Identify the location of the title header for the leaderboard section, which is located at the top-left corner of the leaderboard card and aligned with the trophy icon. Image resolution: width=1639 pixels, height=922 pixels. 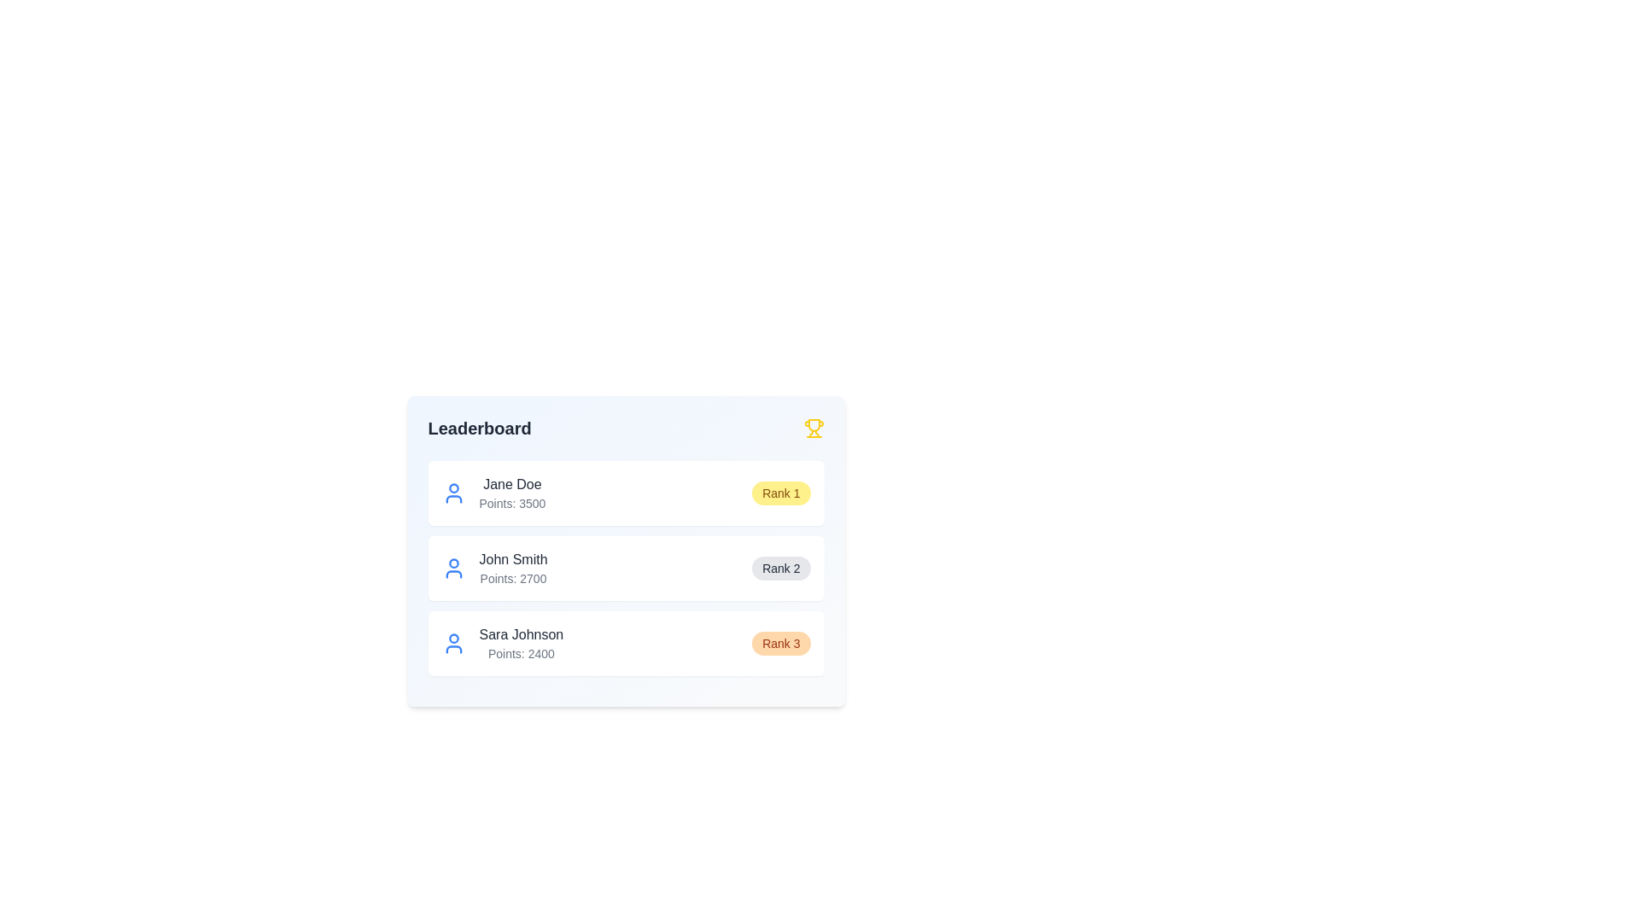
(479, 427).